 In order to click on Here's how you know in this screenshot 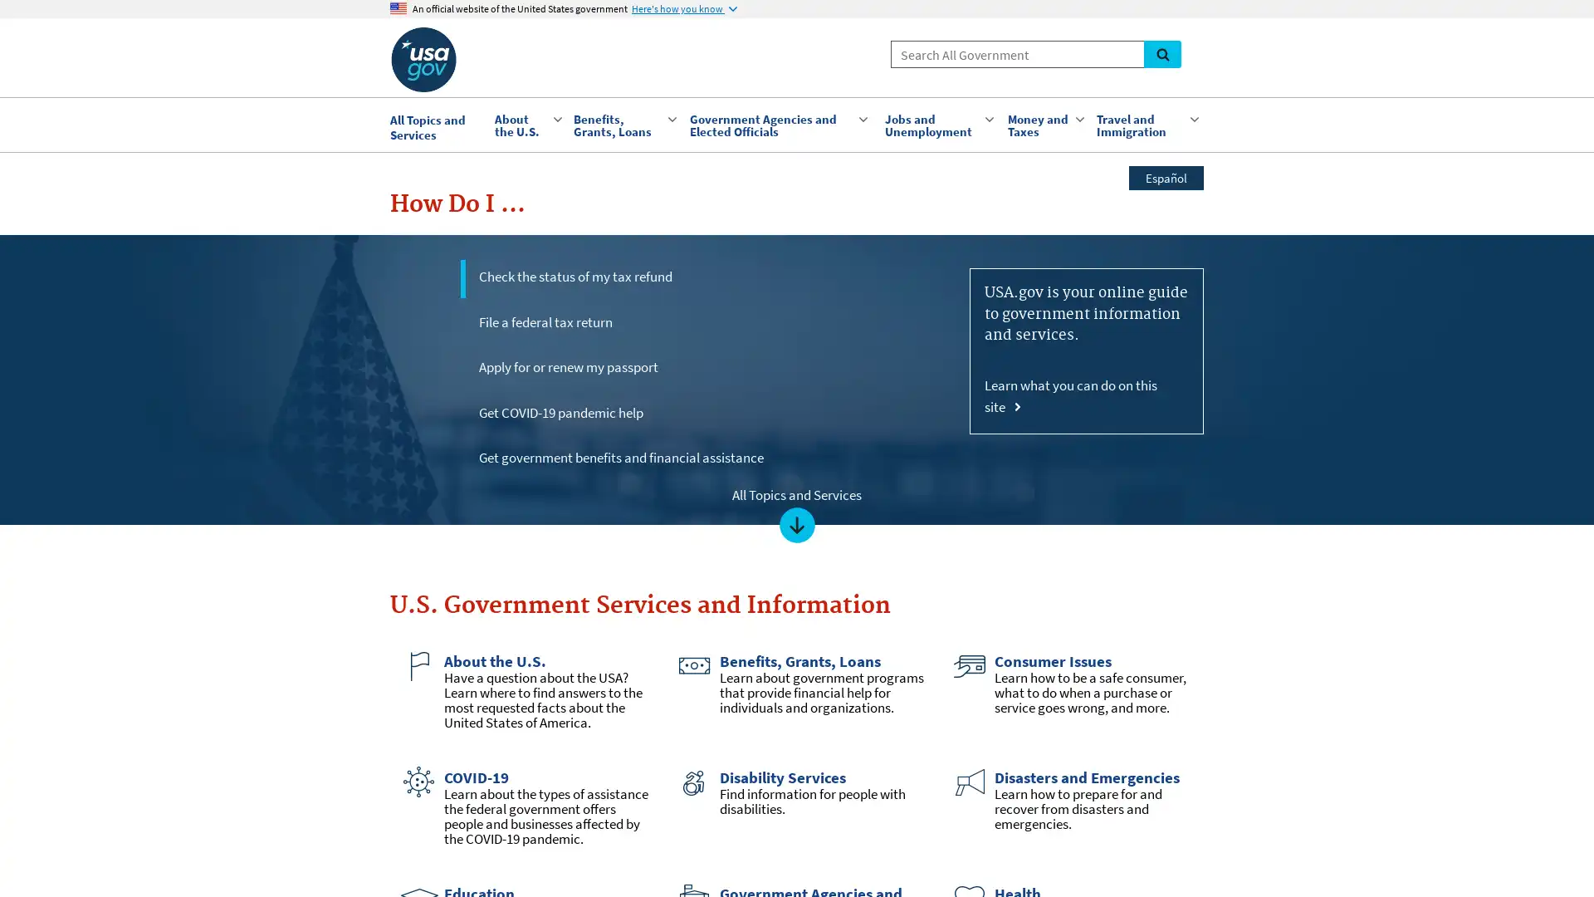, I will do `click(684, 9)`.